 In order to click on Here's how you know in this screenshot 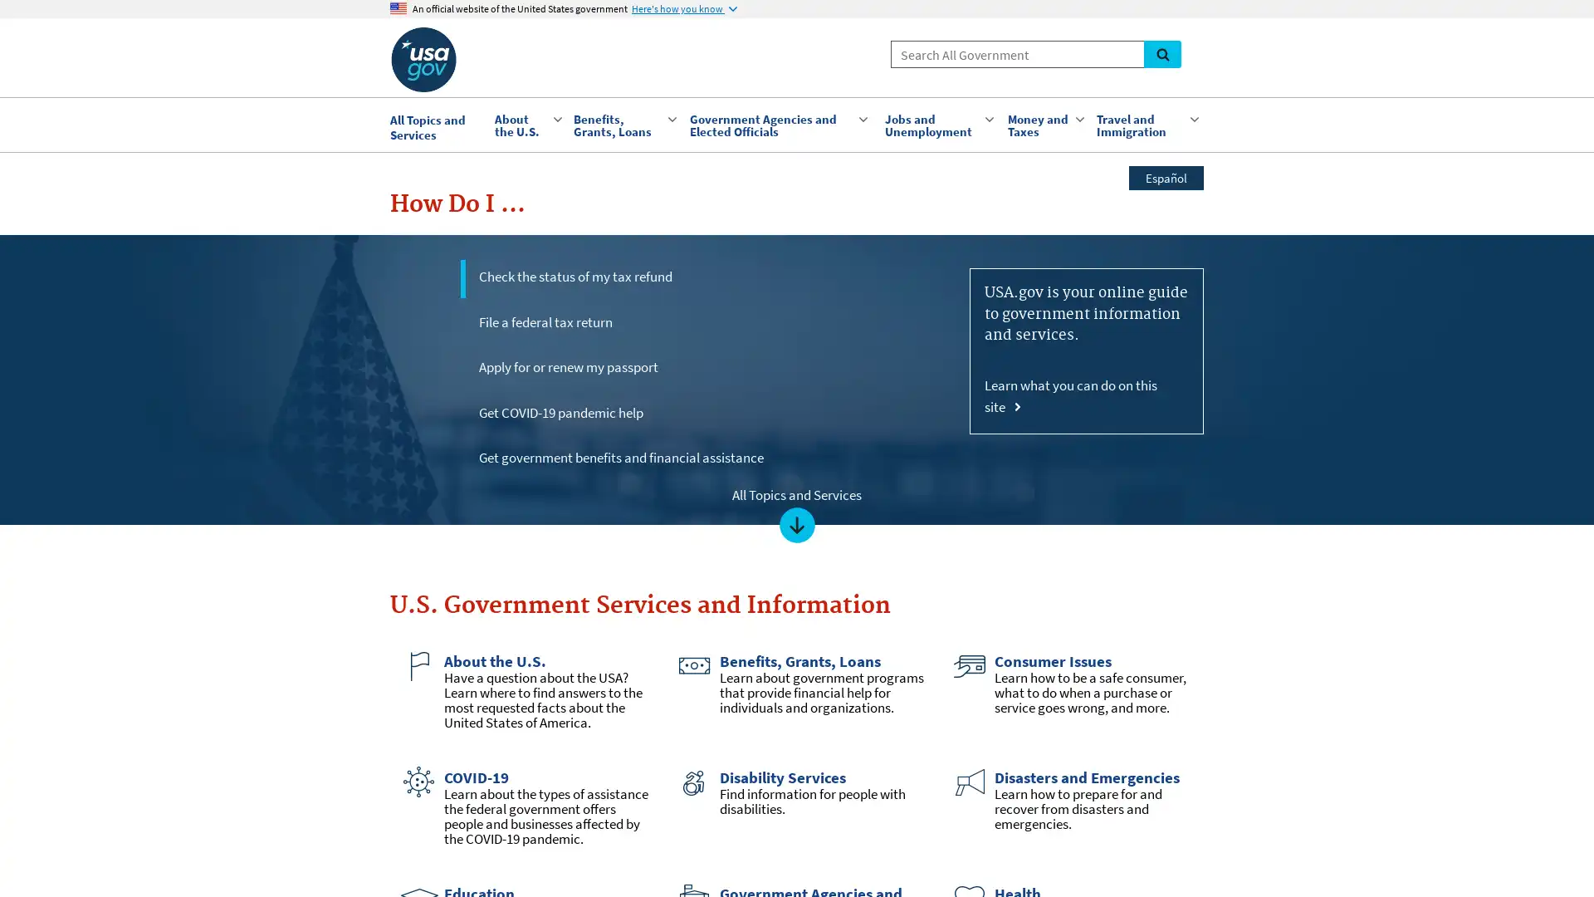, I will do `click(684, 9)`.